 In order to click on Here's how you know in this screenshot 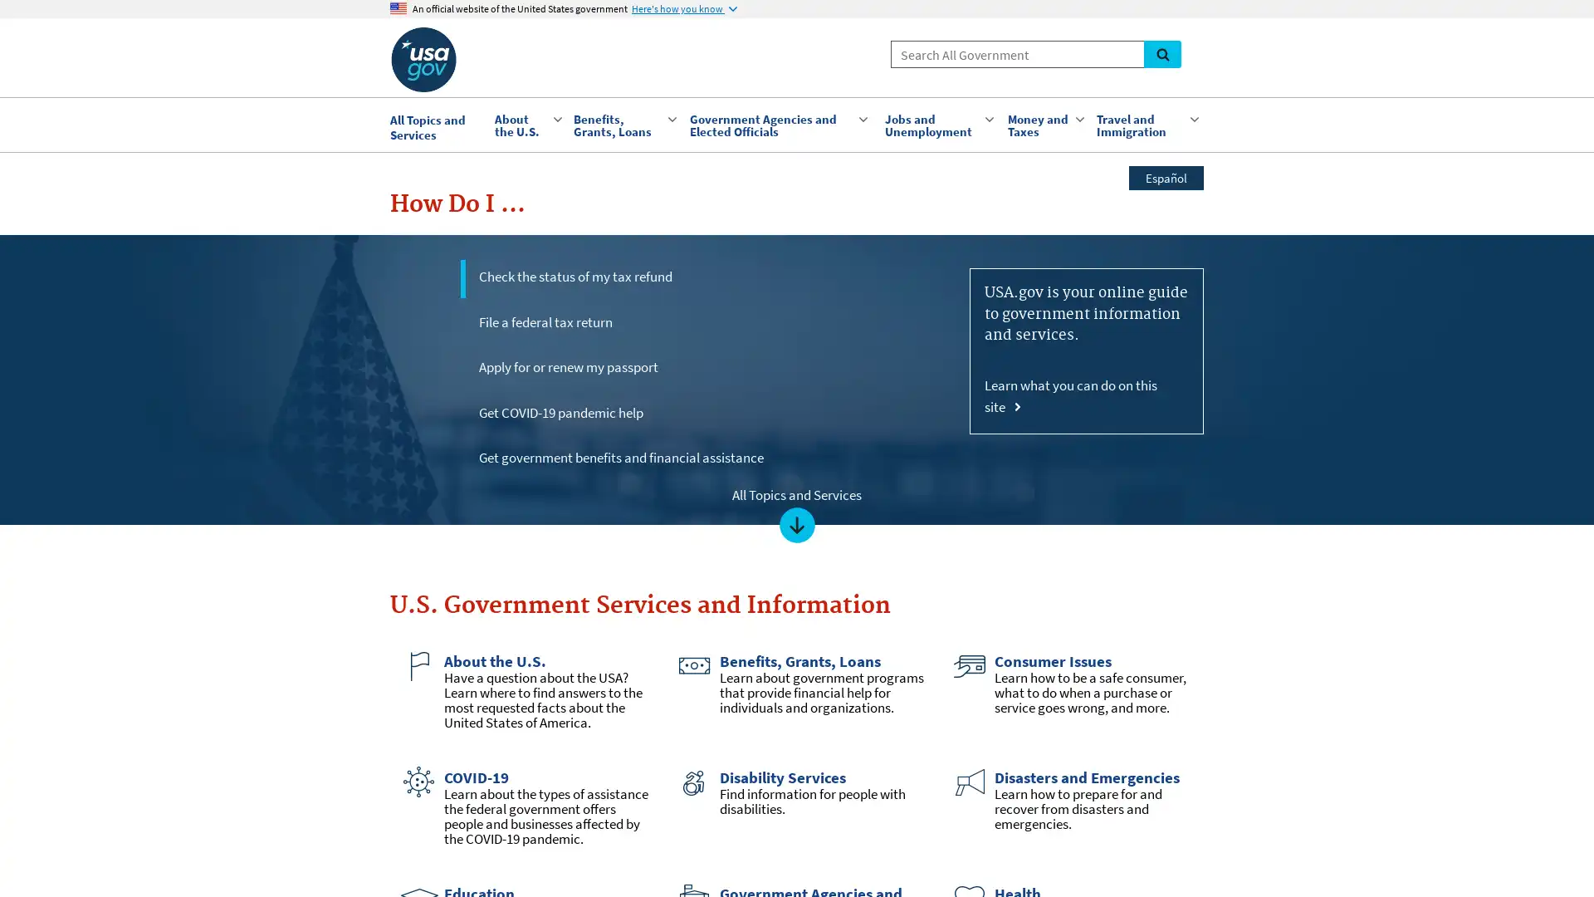, I will do `click(684, 9)`.